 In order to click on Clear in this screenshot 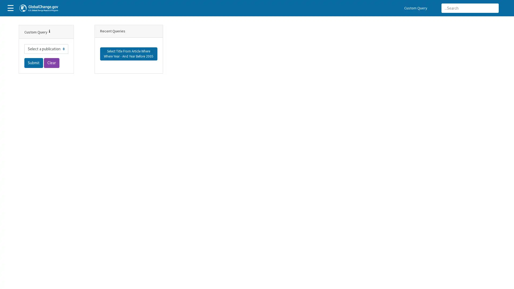, I will do `click(51, 63)`.